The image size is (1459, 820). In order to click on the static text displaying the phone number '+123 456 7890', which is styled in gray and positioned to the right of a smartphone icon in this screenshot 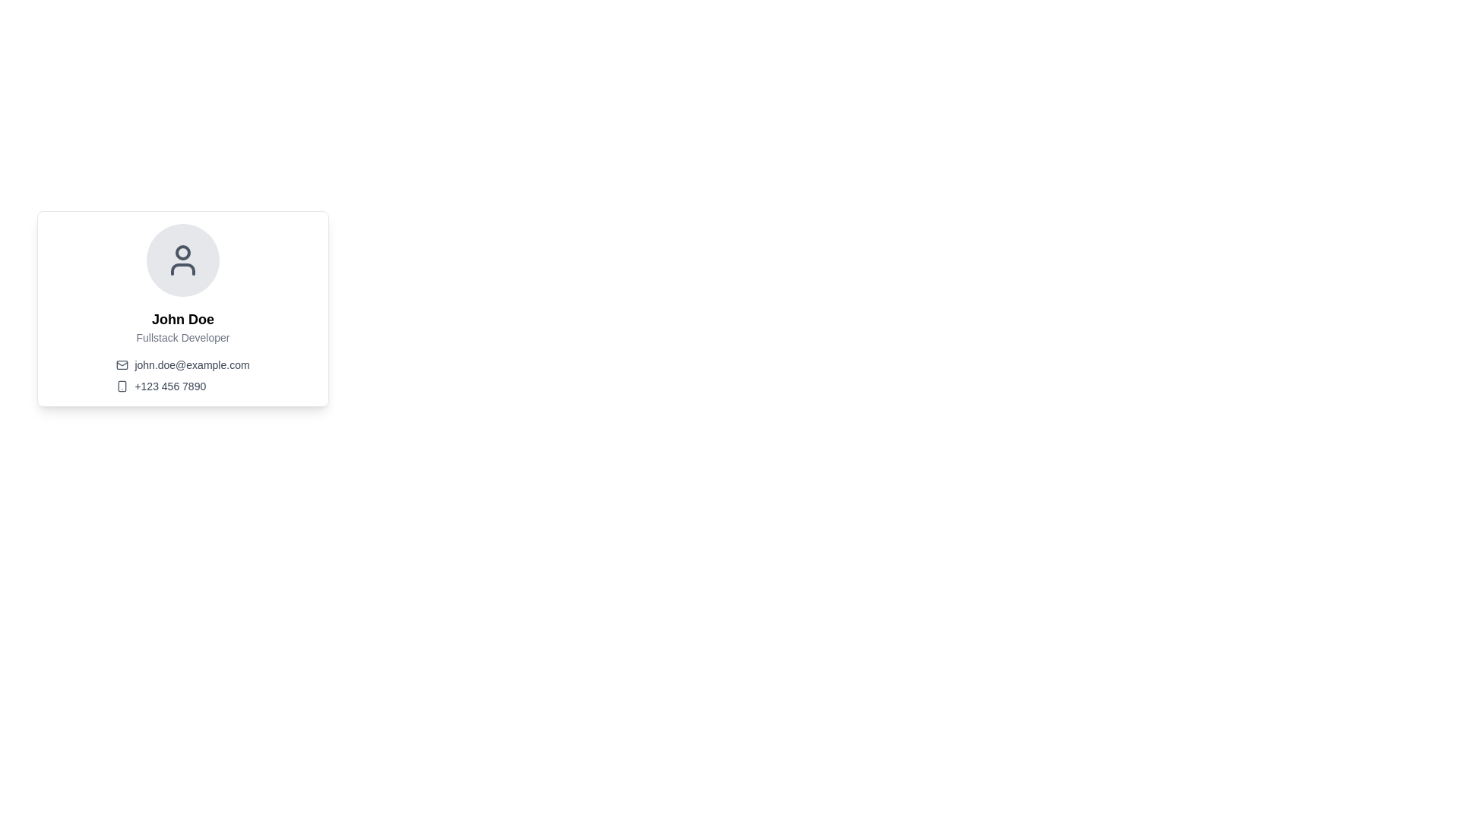, I will do `click(170, 386)`.